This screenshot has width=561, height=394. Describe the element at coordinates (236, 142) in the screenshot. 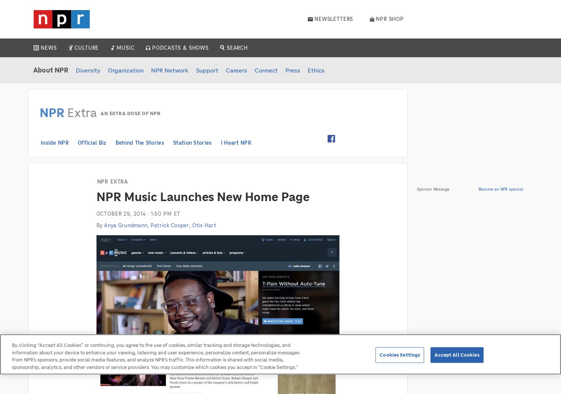

I see `'I Heart NPR'` at that location.